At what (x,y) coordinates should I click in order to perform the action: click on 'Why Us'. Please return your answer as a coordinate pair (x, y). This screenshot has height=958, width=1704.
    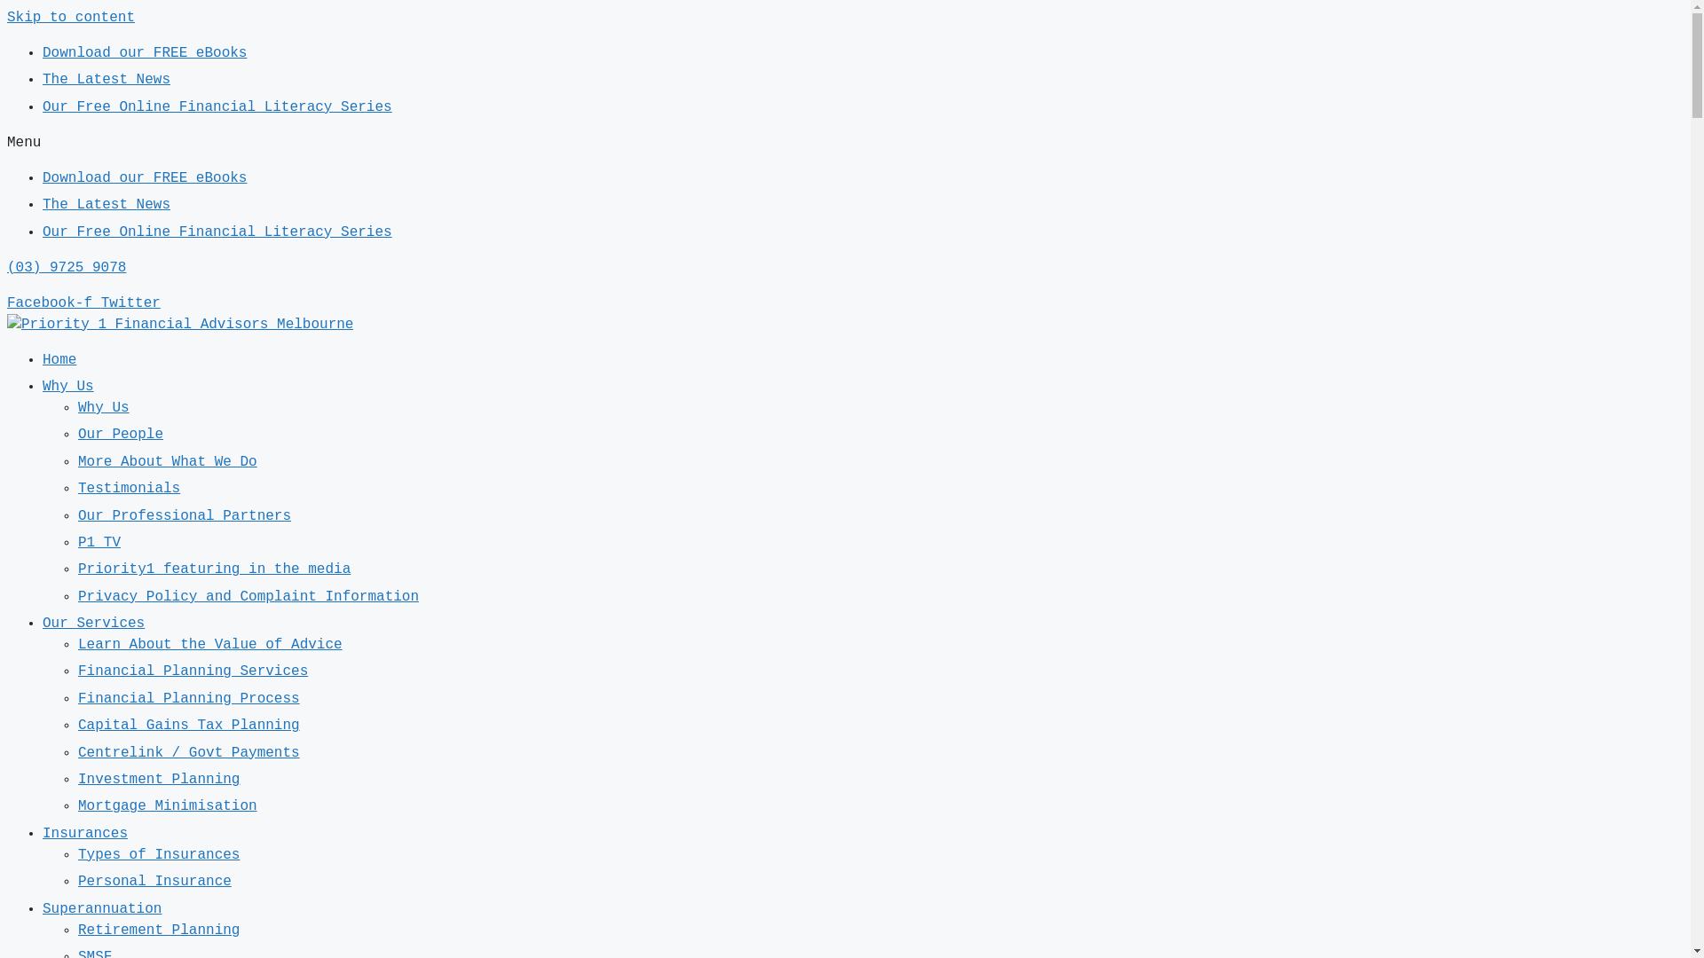
    Looking at the image, I should click on (67, 385).